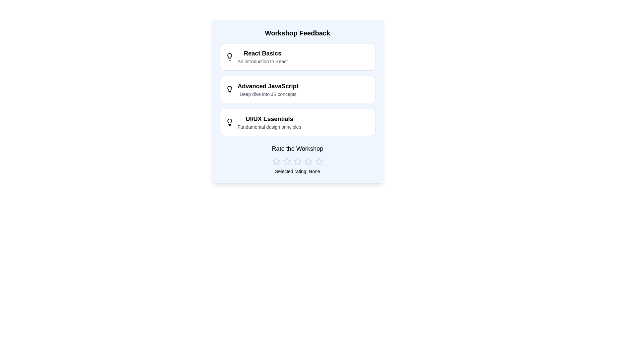  Describe the element at coordinates (297, 161) in the screenshot. I see `the third star icon in the 'Rate the Workshop' section to assign a three-star rating` at that location.